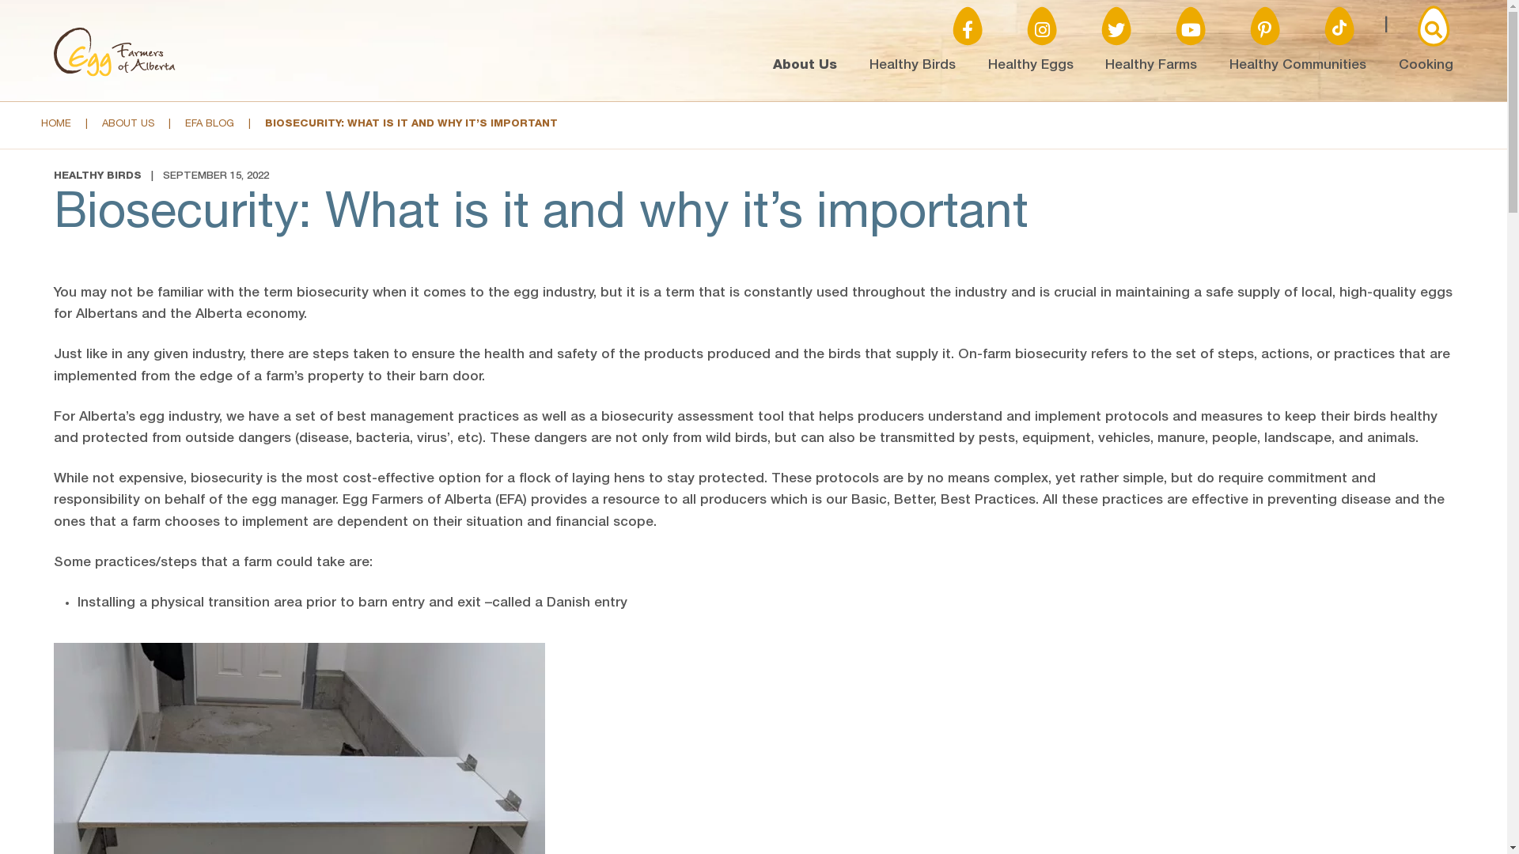 The width and height of the screenshot is (1519, 854). Describe the element at coordinates (805, 65) in the screenshot. I see `'About Us'` at that location.